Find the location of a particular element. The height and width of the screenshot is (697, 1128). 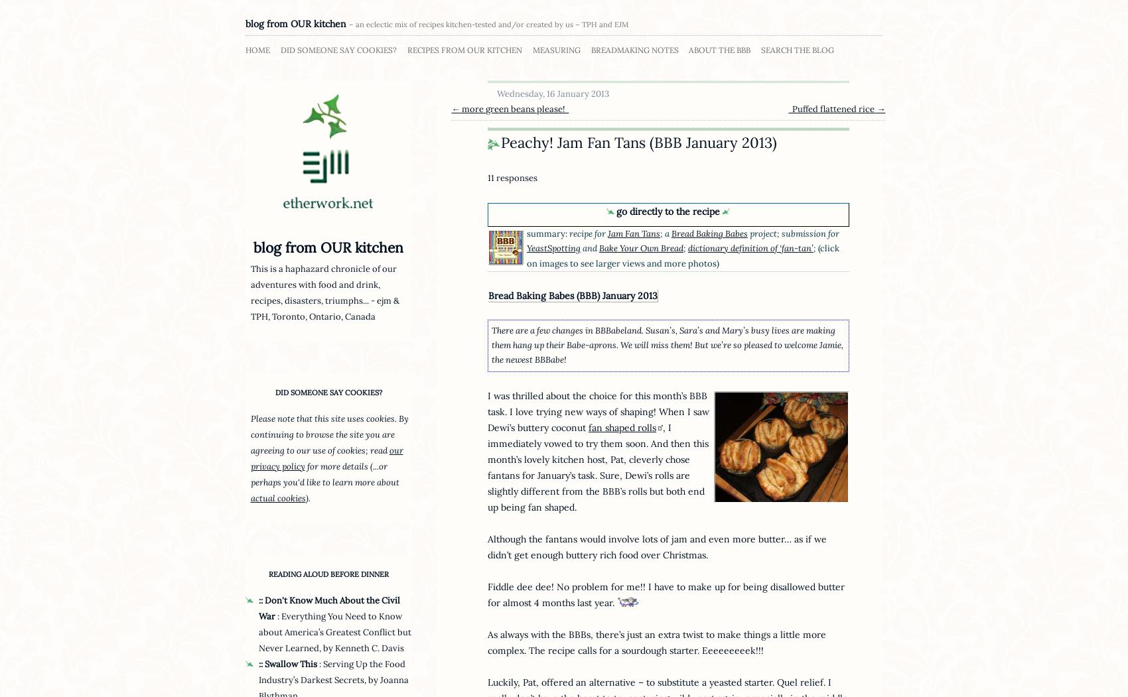

':: Don't Know Much About the Civil War' is located at coordinates (329, 608).